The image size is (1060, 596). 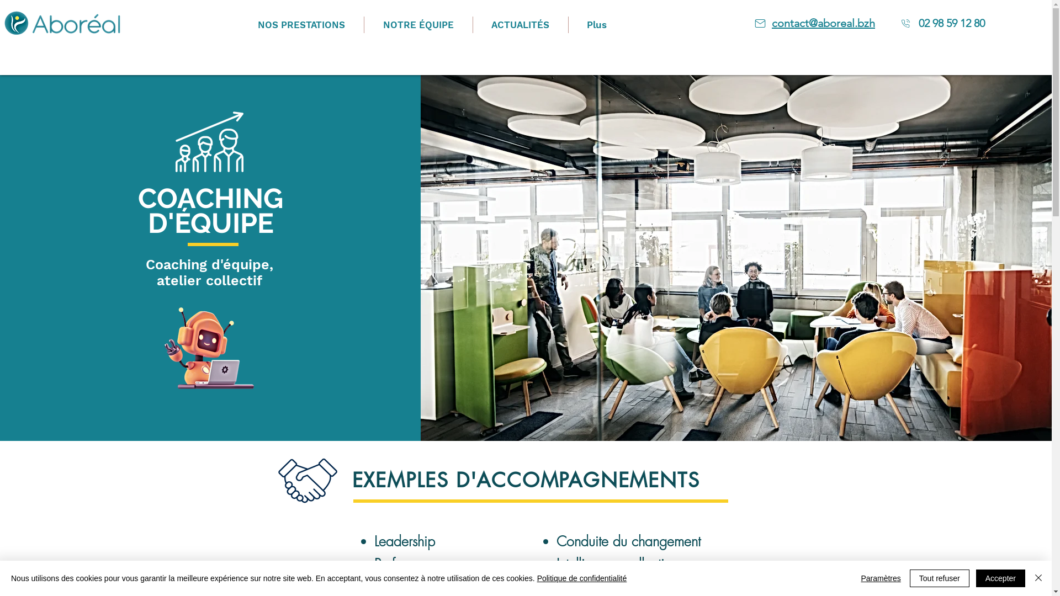 I want to click on '02 98 59 12 80', so click(x=951, y=24).